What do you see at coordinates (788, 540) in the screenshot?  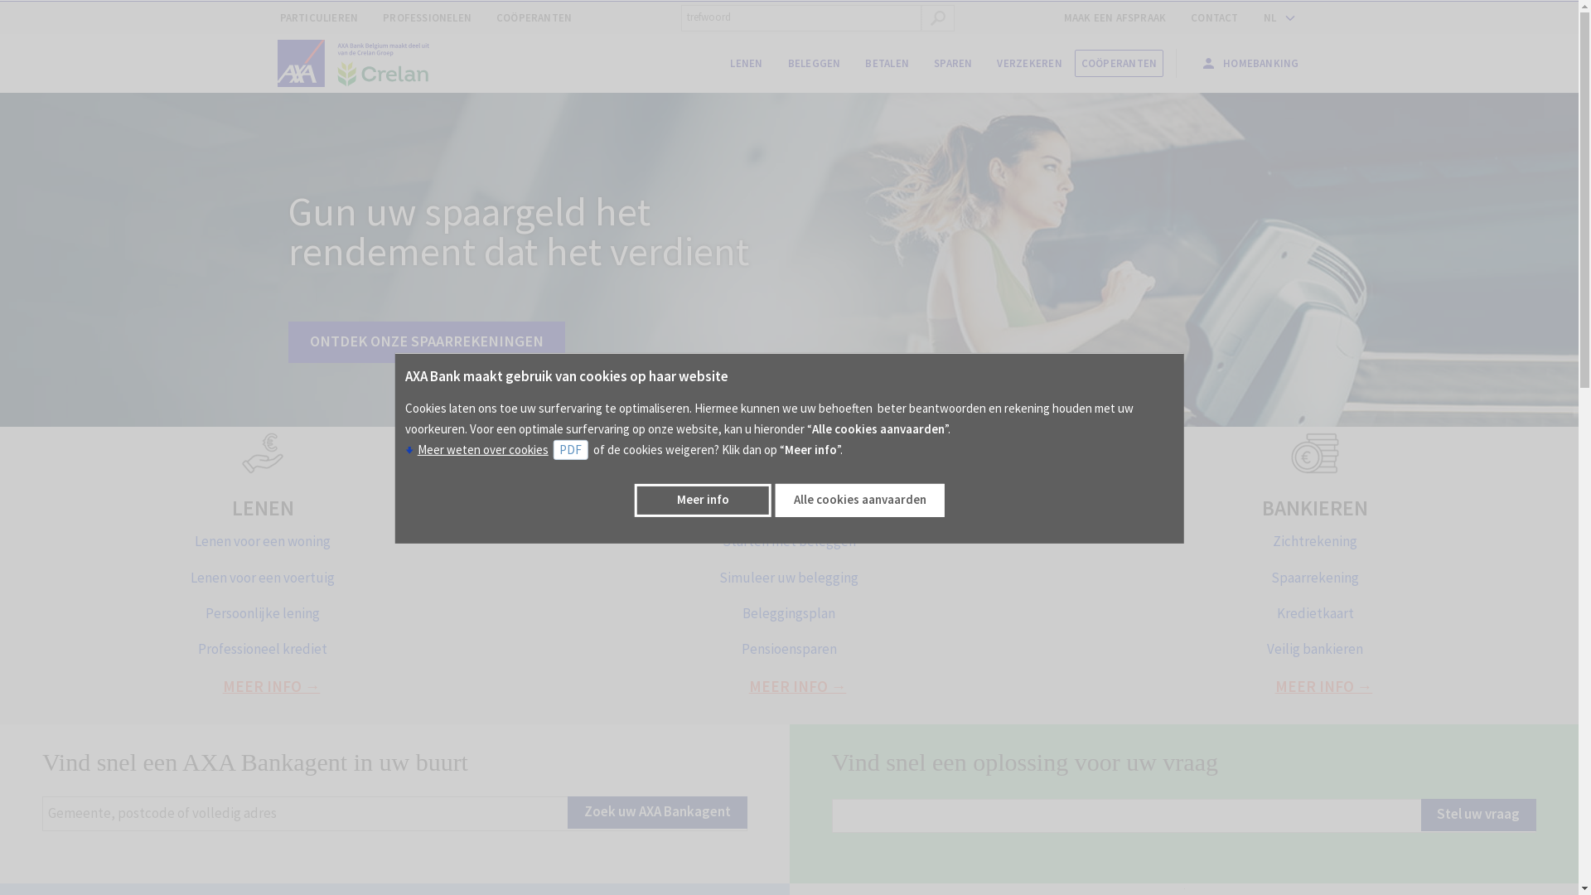 I see `'Starten met beleggen'` at bounding box center [788, 540].